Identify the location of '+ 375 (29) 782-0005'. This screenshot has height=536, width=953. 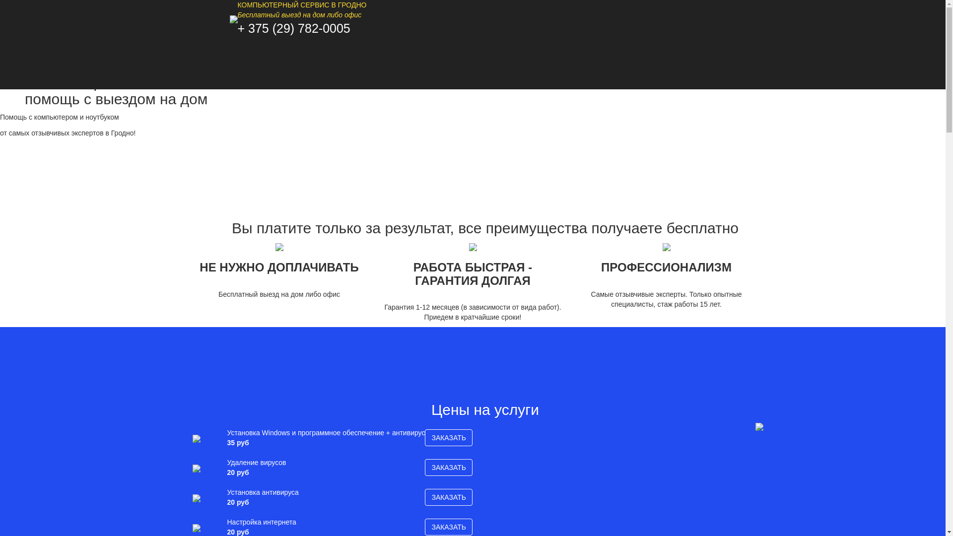
(293, 28).